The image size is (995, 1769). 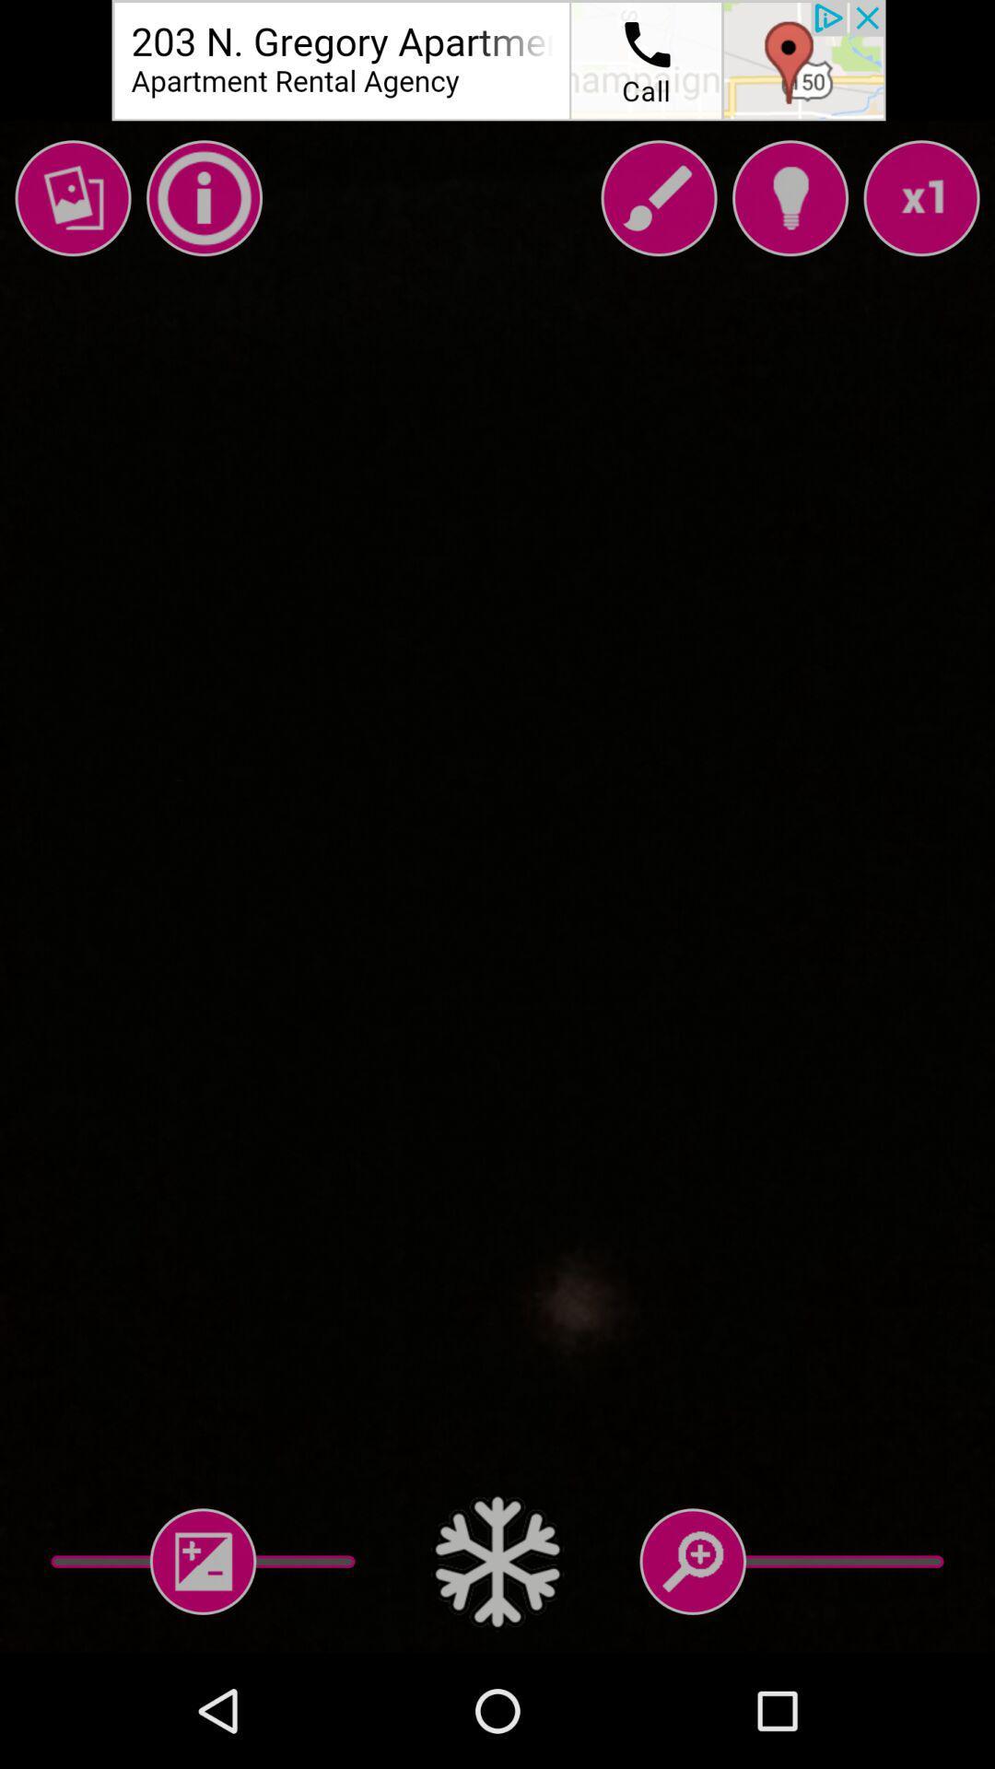 What do you see at coordinates (789, 198) in the screenshot?
I see `the avatar icon` at bounding box center [789, 198].